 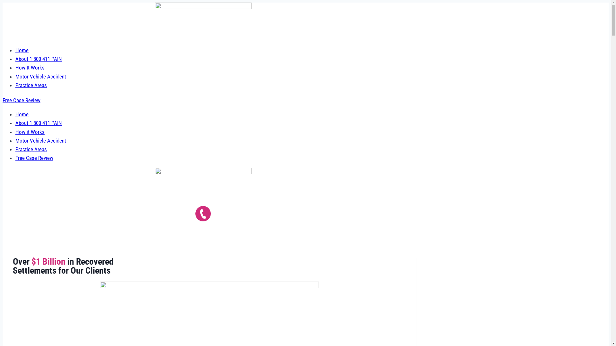 What do you see at coordinates (22, 114) in the screenshot?
I see `'Home'` at bounding box center [22, 114].